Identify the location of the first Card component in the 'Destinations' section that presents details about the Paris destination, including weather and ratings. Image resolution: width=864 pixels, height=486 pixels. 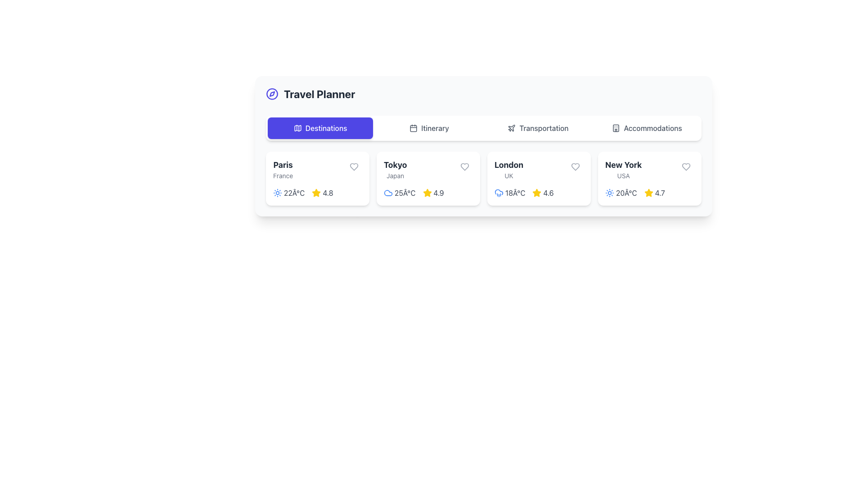
(317, 179).